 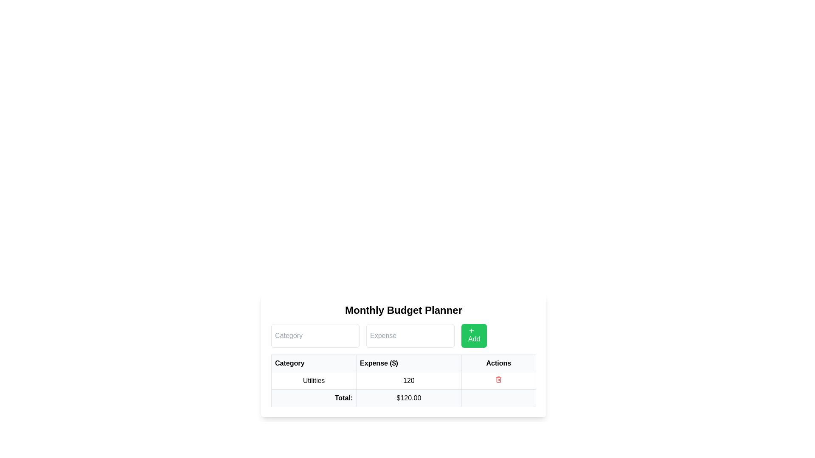 I want to click on displayed text content from the total amount row at the bottom of the table, which summarizes the expenses, so click(x=403, y=398).